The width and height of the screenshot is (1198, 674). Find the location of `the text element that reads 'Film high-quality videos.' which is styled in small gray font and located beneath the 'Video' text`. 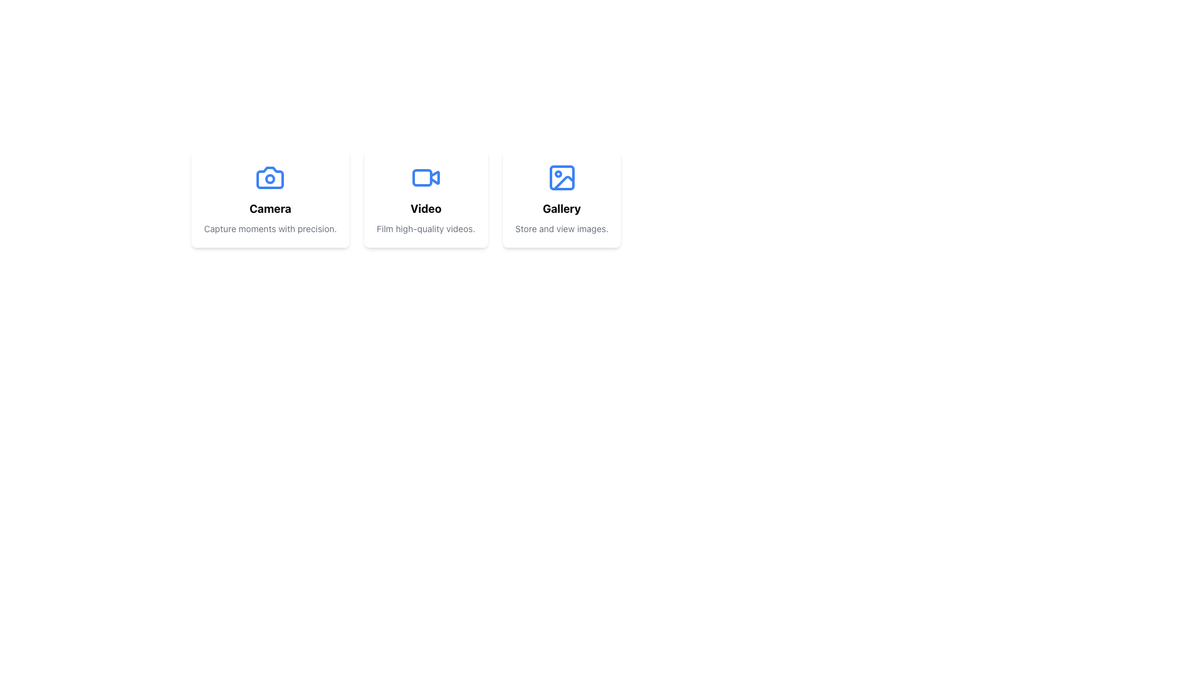

the text element that reads 'Film high-quality videos.' which is styled in small gray font and located beneath the 'Video' text is located at coordinates (426, 228).